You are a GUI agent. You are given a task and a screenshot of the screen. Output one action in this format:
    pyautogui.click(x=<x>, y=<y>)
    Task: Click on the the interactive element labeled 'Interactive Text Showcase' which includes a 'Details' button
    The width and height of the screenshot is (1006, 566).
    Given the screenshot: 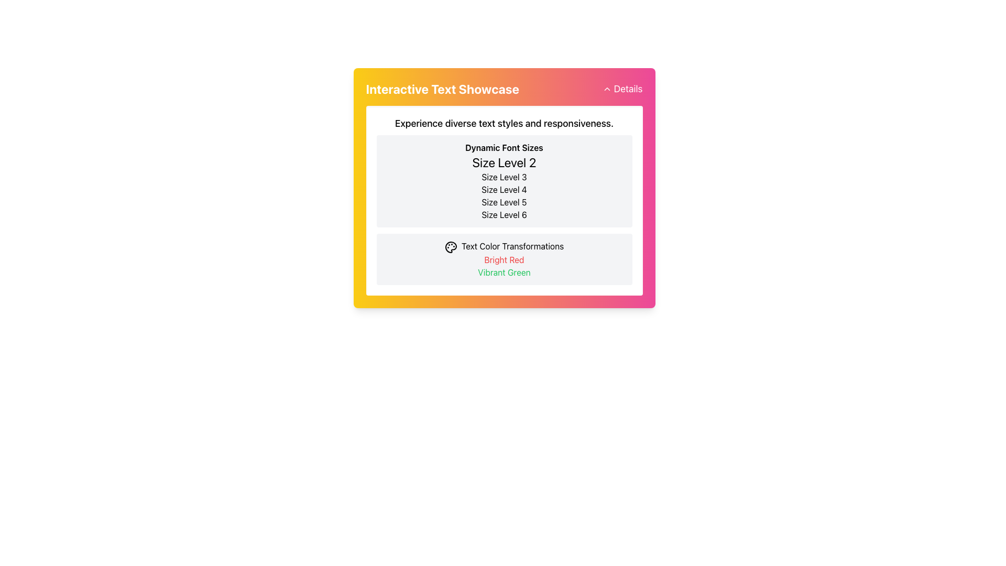 What is the action you would take?
    pyautogui.click(x=504, y=88)
    